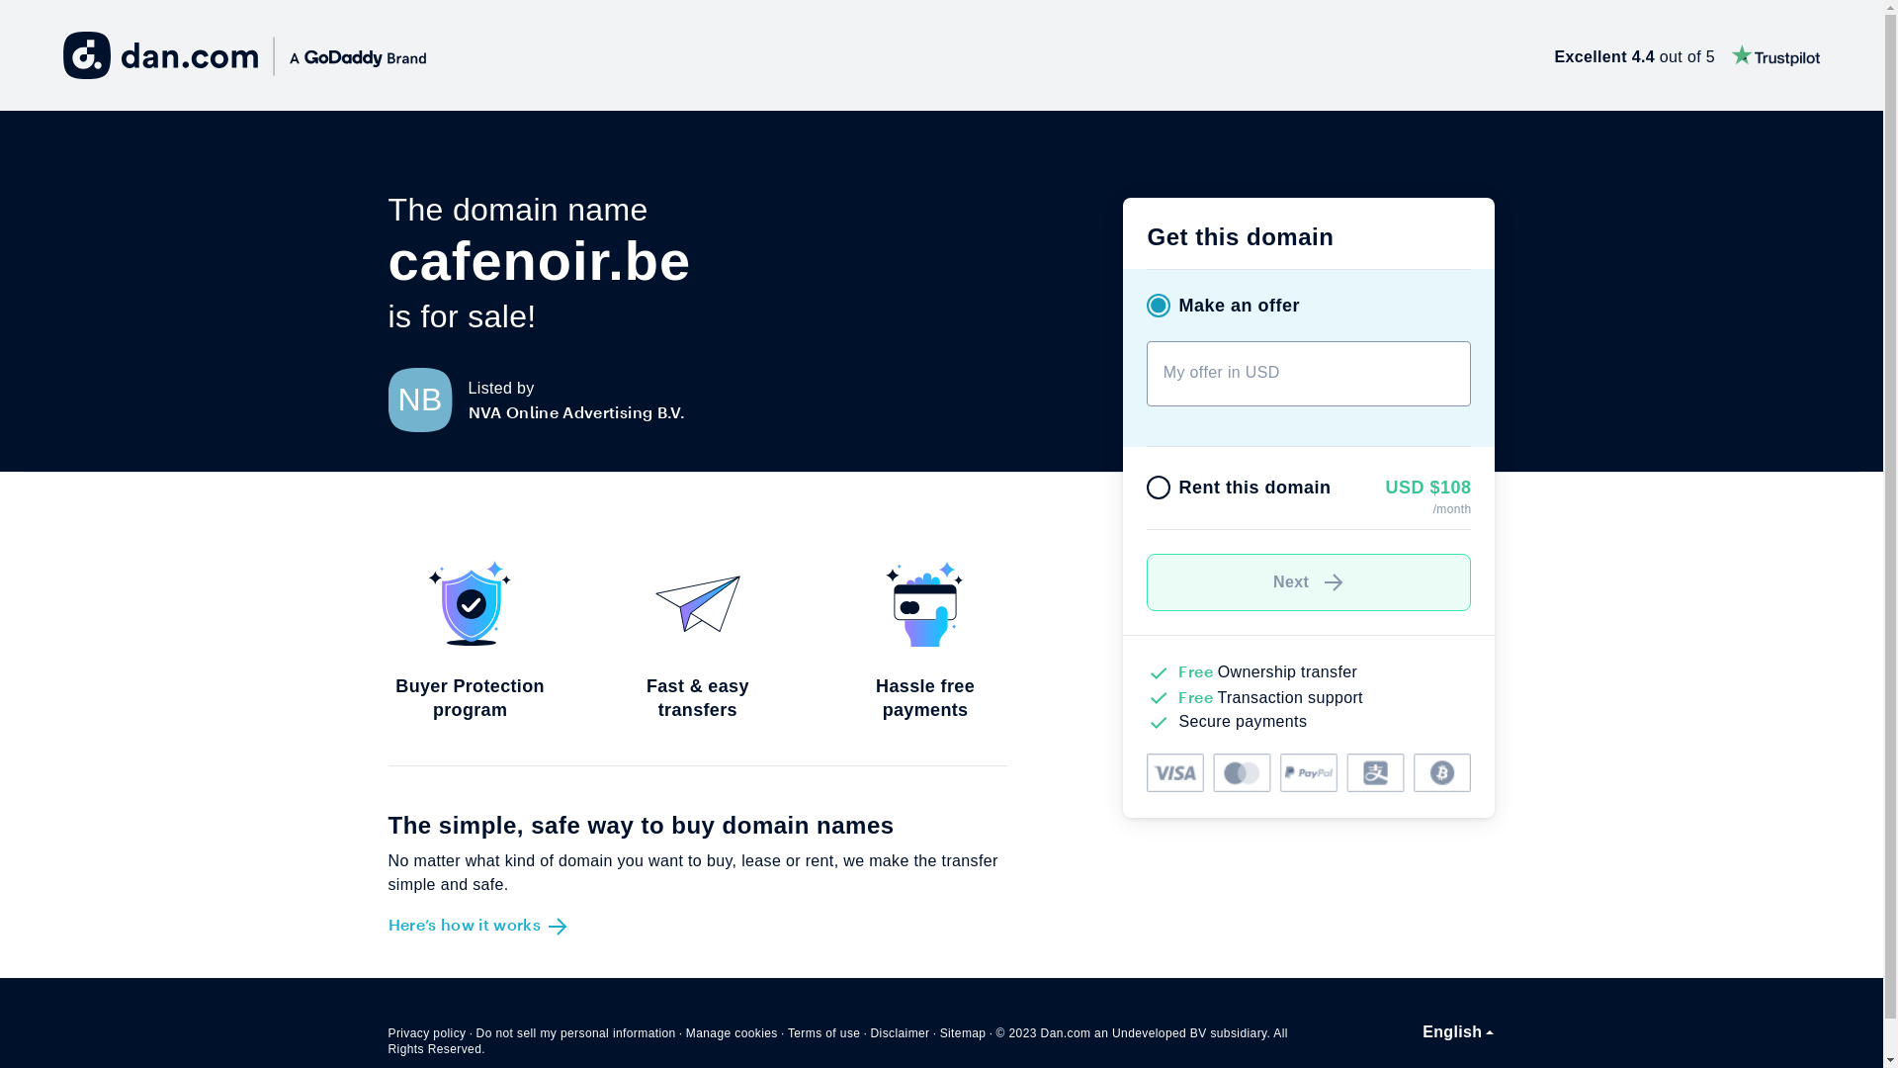  Describe the element at coordinates (1686, 54) in the screenshot. I see `'Excellent 4.4 out of 5'` at that location.